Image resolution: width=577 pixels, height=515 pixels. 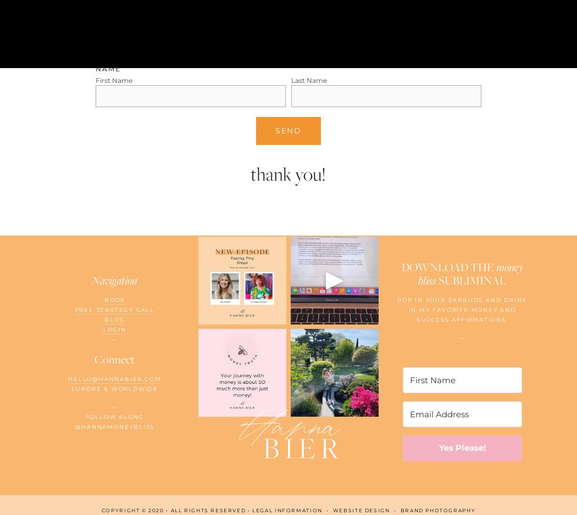 I want to click on 'Brand Photography', so click(x=437, y=509).